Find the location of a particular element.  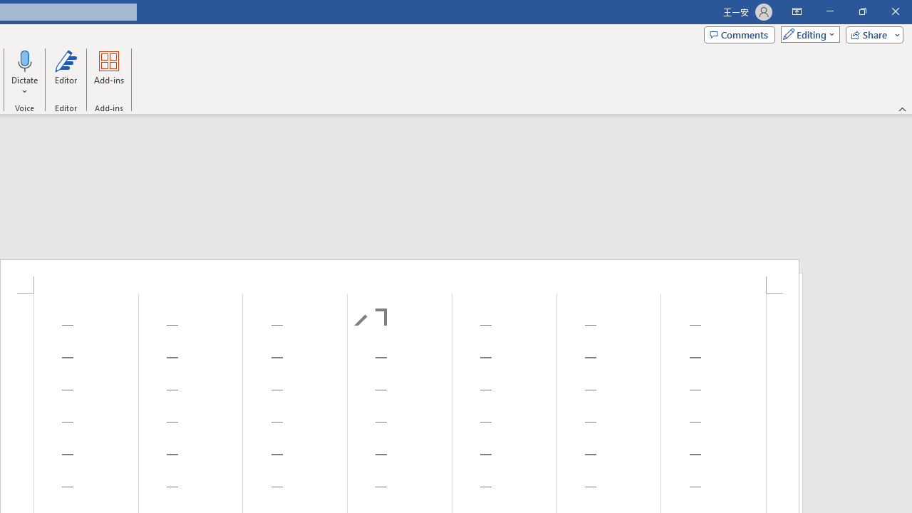

'Dictate' is located at coordinates (25, 73).